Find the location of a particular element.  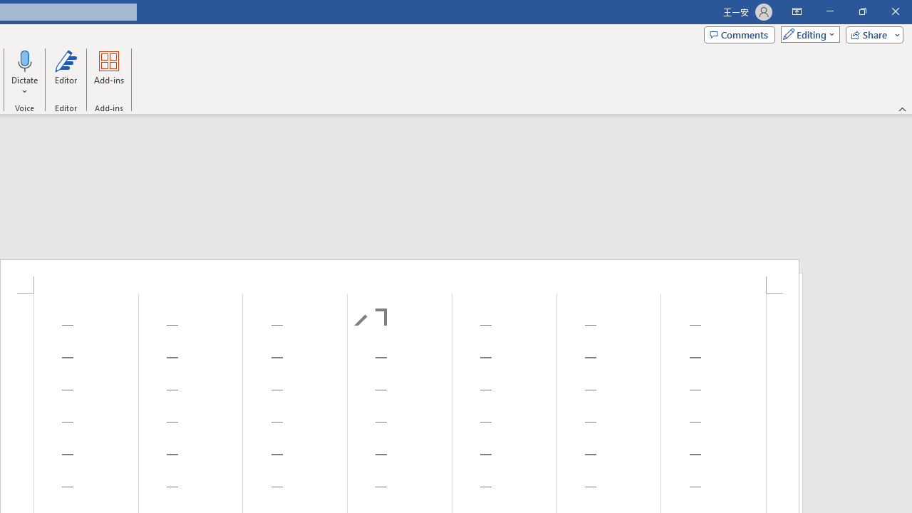

'Dictate' is located at coordinates (25, 73).